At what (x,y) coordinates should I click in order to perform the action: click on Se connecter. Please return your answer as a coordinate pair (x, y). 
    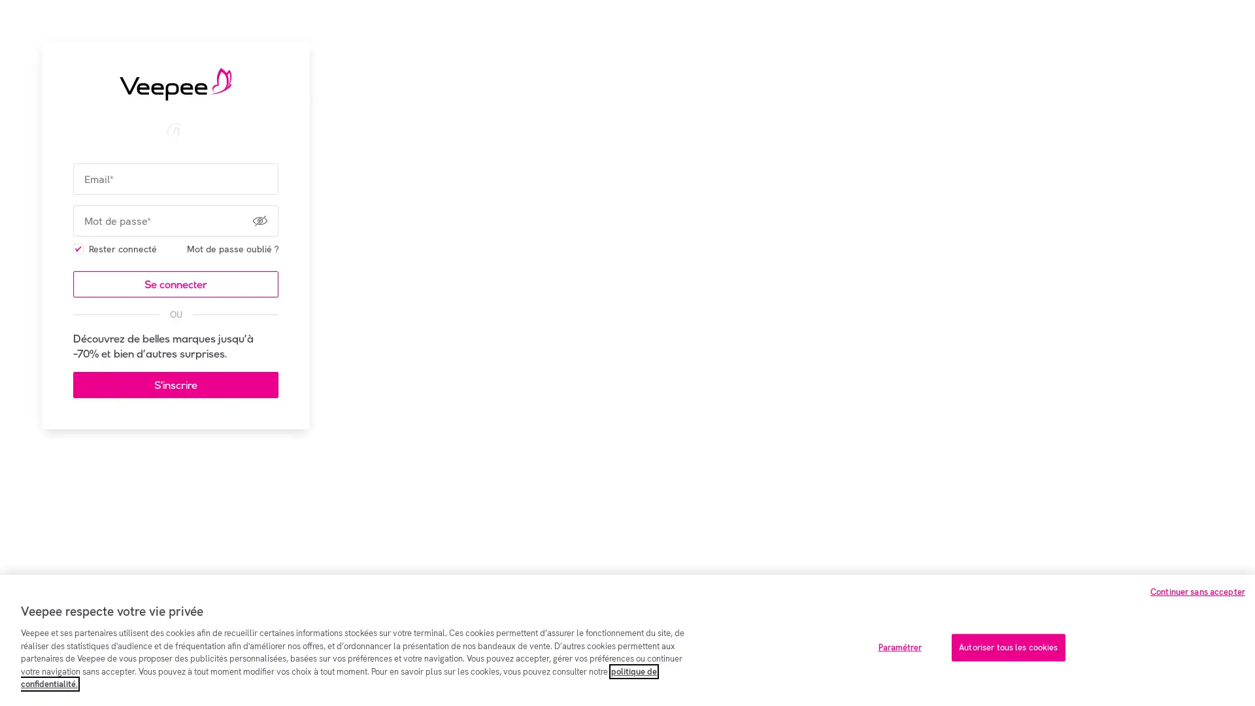
    Looking at the image, I should click on (175, 289).